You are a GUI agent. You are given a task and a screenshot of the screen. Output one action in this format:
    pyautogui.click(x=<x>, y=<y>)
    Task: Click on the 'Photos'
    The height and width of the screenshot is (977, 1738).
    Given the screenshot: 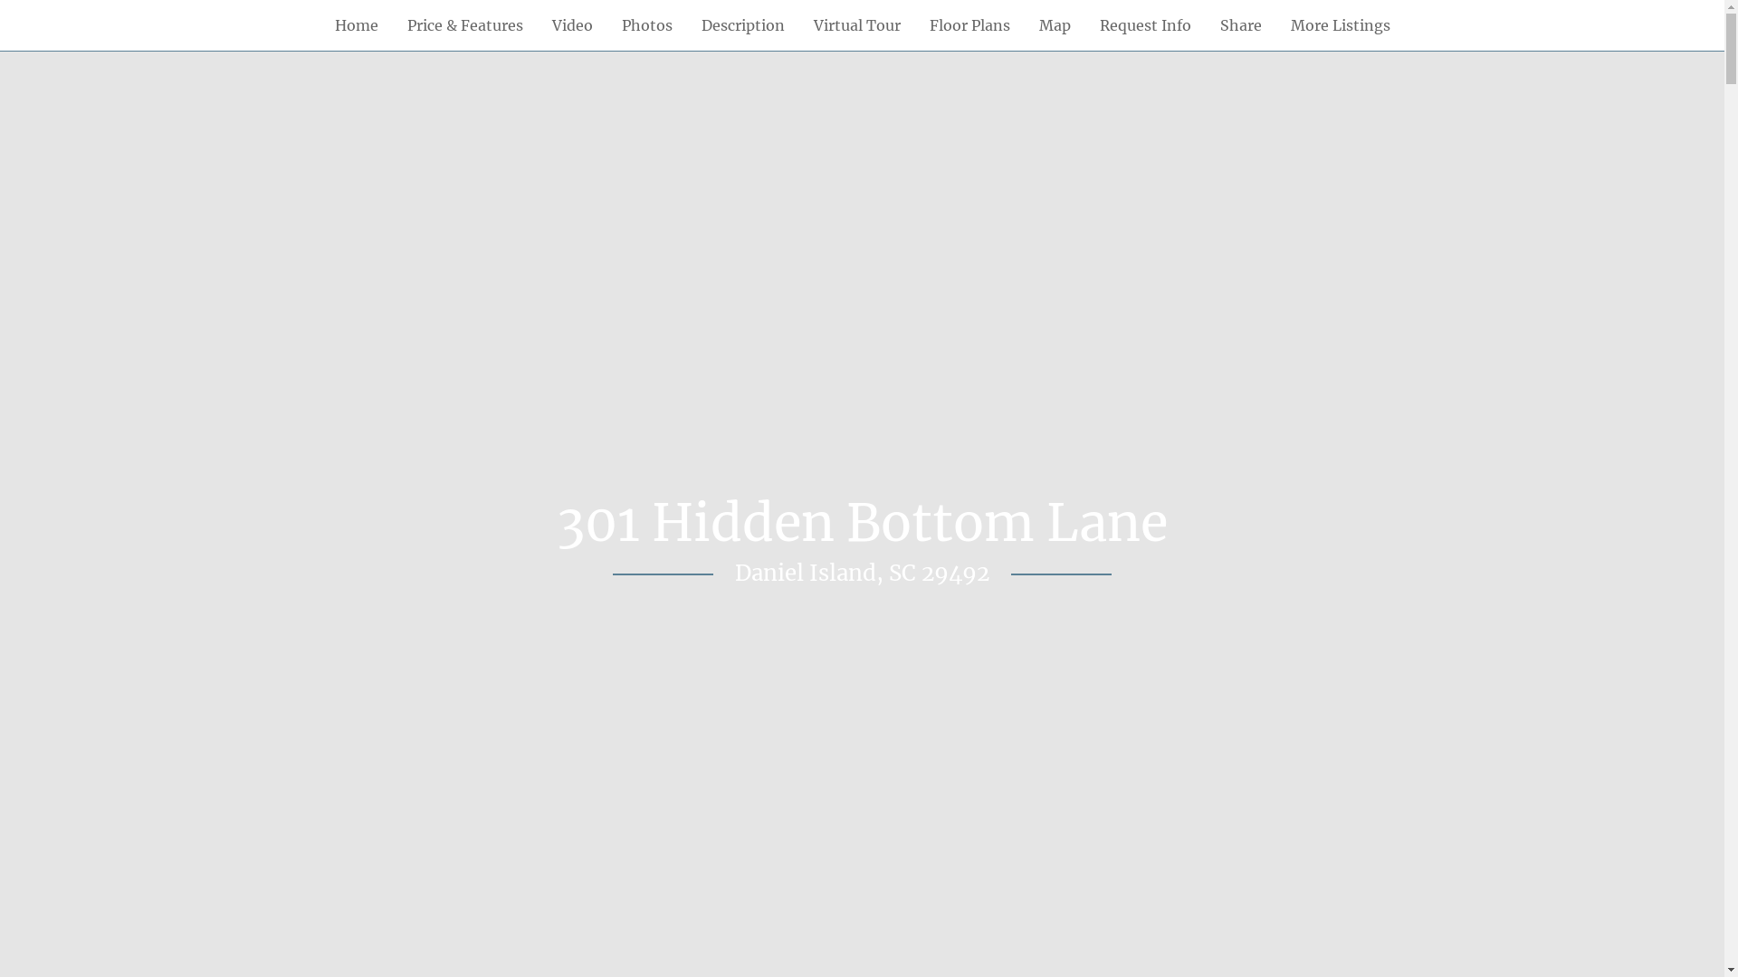 What is the action you would take?
    pyautogui.click(x=606, y=24)
    